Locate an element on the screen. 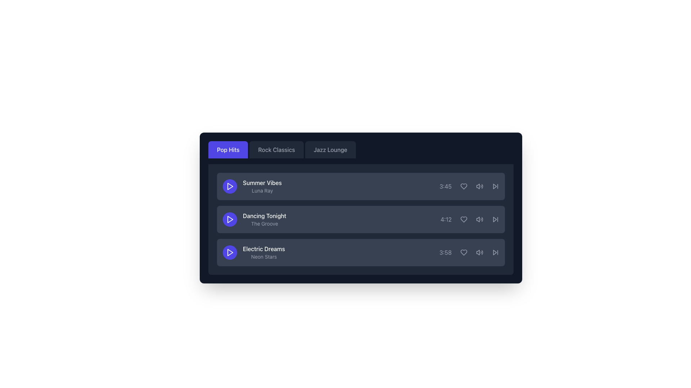 This screenshot has height=388, width=691. the volume icon resembling a speaker with sound waves located to the right of the '3:45' text and the heart icon within the 'Summer Vibes' music track row is located at coordinates (480, 186).